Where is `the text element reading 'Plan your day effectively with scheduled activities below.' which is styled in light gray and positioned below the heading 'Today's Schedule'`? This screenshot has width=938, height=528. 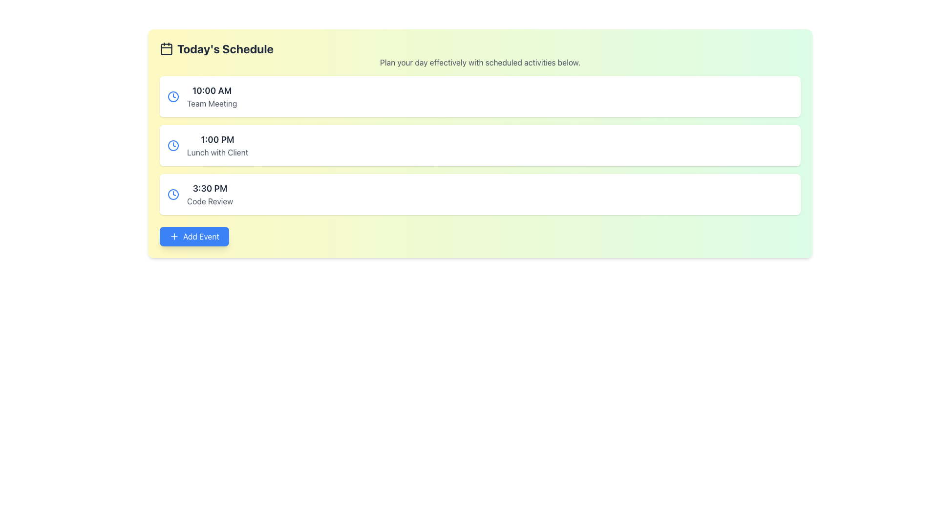
the text element reading 'Plan your day effectively with scheduled activities below.' which is styled in light gray and positioned below the heading 'Today's Schedule' is located at coordinates (480, 62).